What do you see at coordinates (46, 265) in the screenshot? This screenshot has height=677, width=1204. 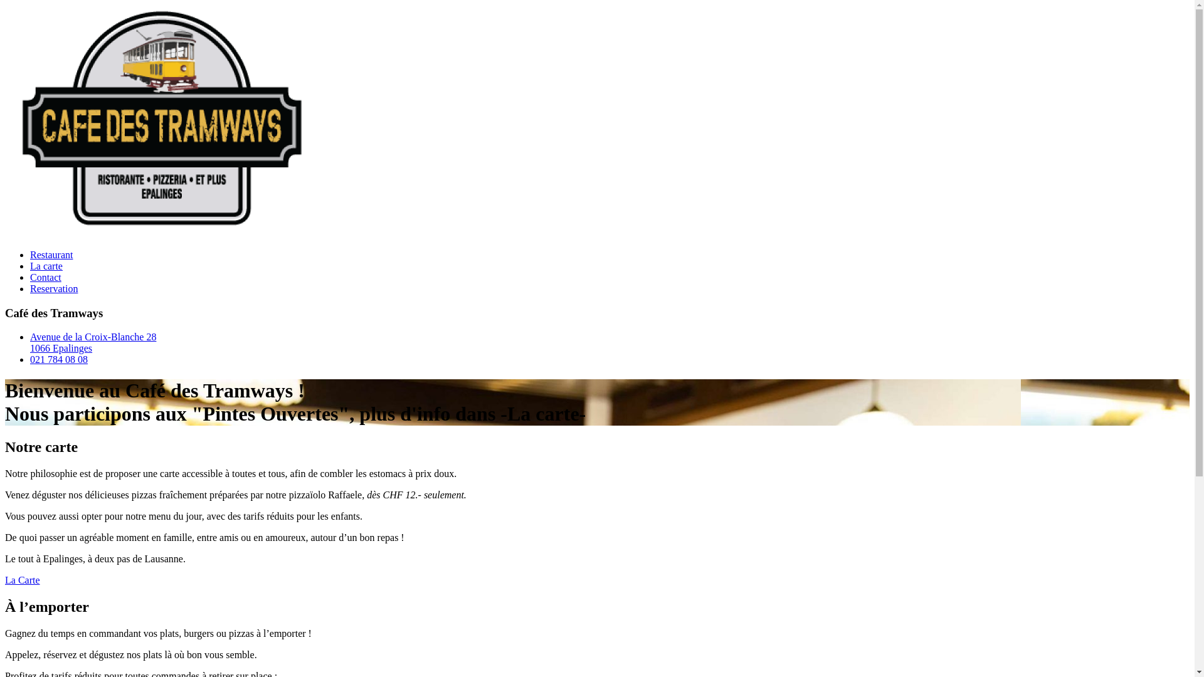 I see `'La carte'` at bounding box center [46, 265].